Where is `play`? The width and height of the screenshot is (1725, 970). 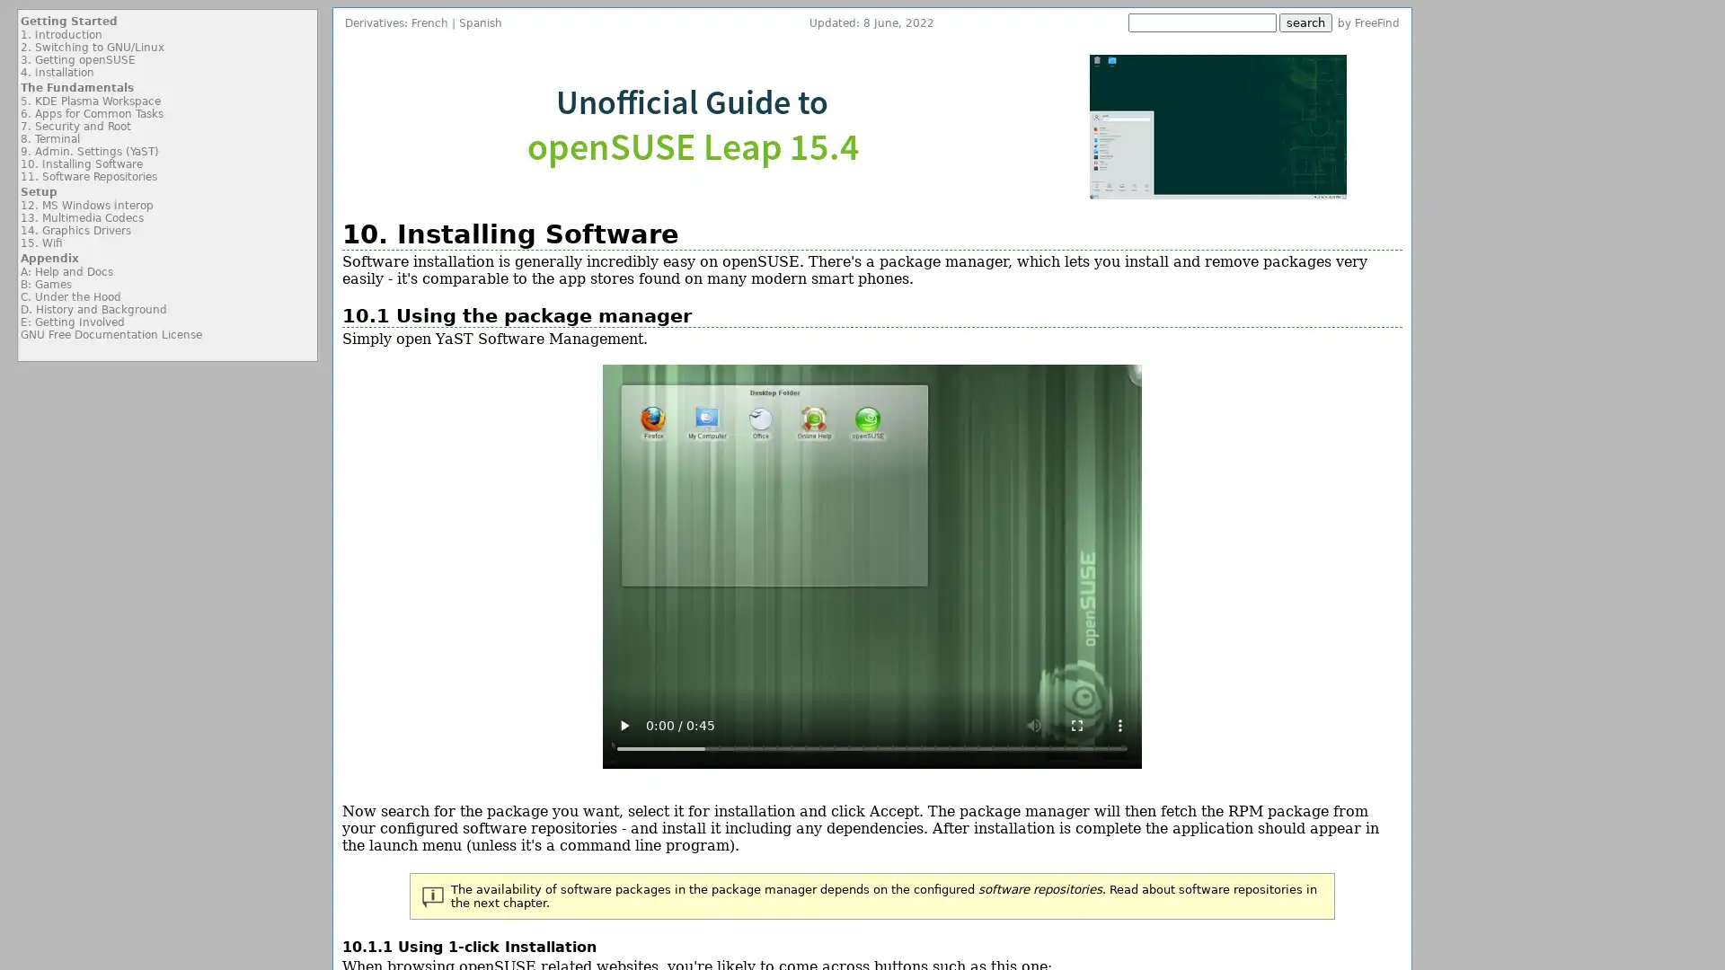 play is located at coordinates (624, 724).